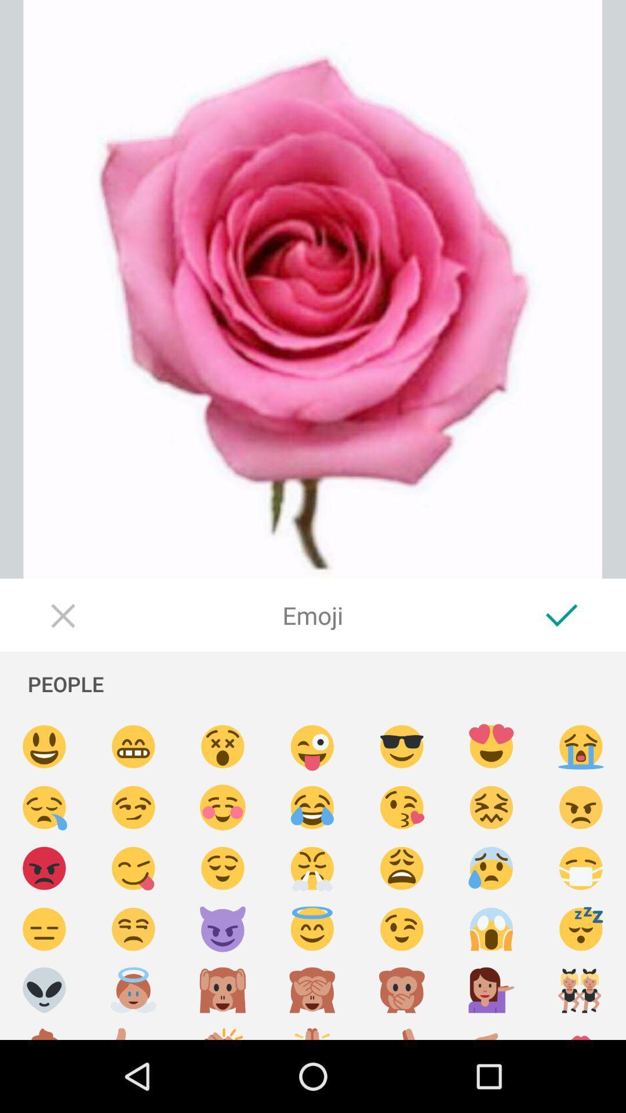 The width and height of the screenshot is (626, 1113). I want to click on insert emoji, so click(492, 990).